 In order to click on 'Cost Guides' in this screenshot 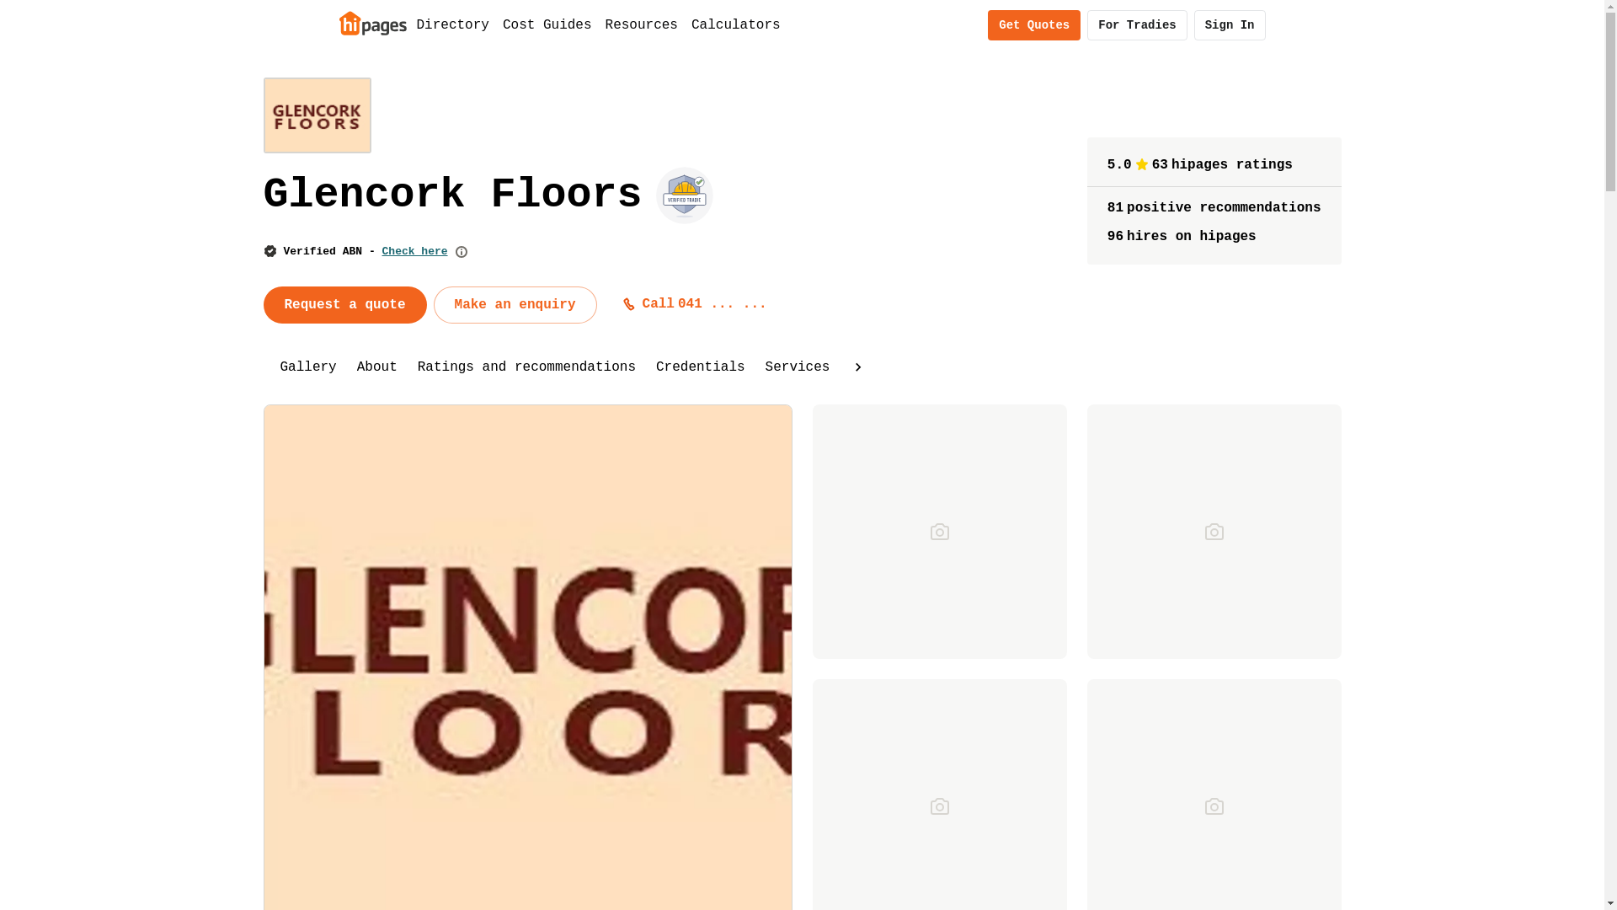, I will do `click(547, 25)`.